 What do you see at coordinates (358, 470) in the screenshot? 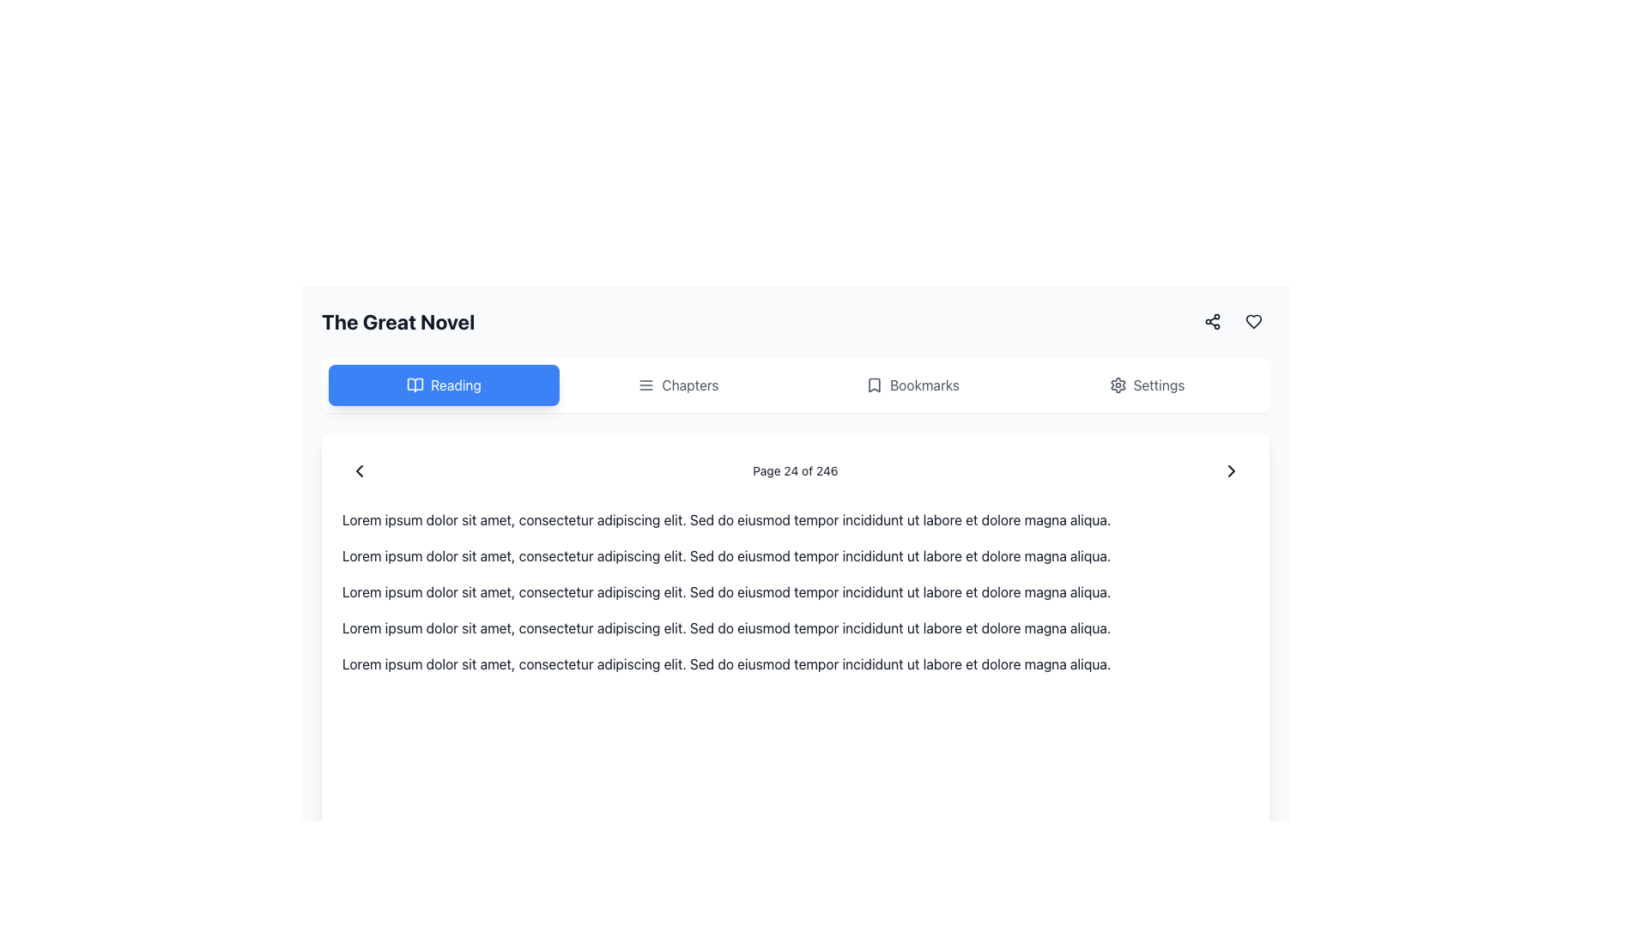
I see `the left-pointing chevron arrow icon located in the top section of the interface, to the left of the main navigation header` at bounding box center [358, 470].